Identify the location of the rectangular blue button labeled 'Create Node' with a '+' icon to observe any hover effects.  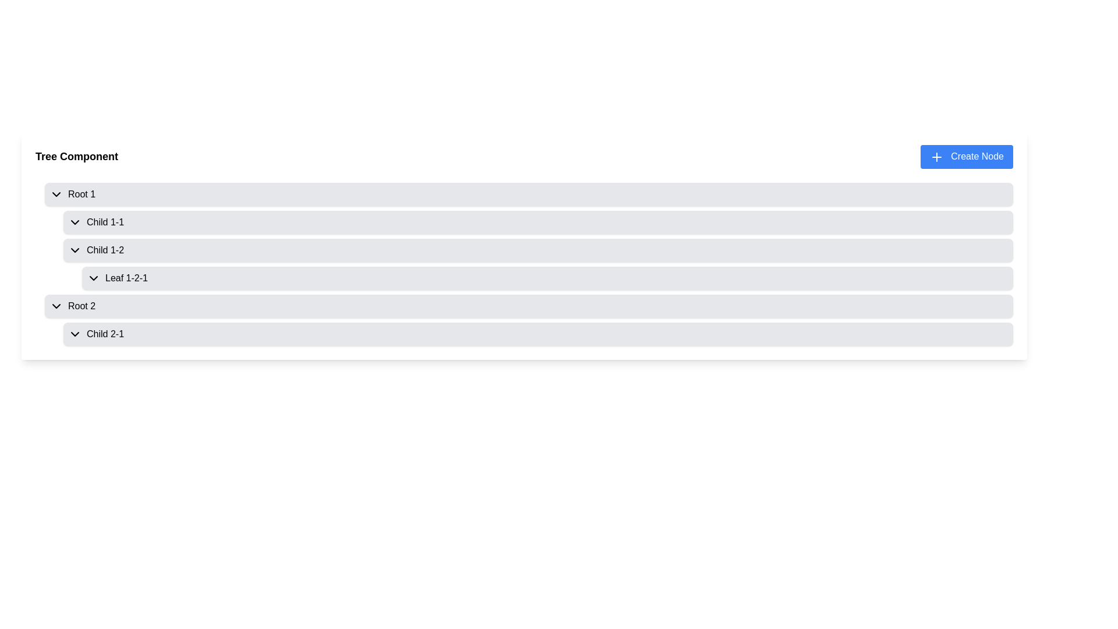
(967, 156).